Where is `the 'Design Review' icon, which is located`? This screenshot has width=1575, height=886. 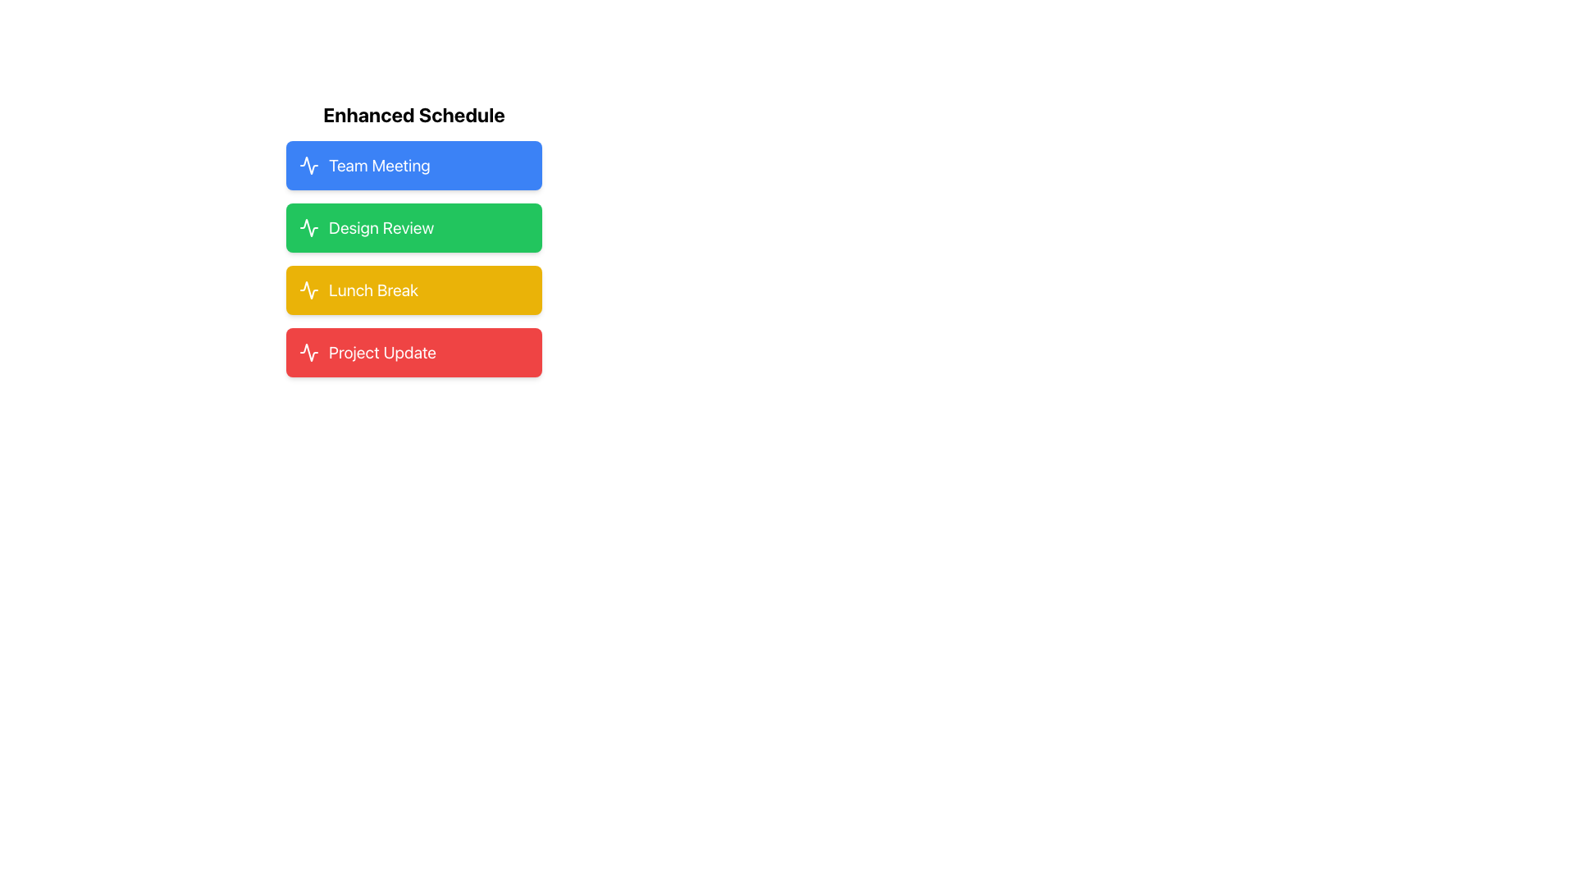
the 'Design Review' icon, which is located is located at coordinates (309, 227).